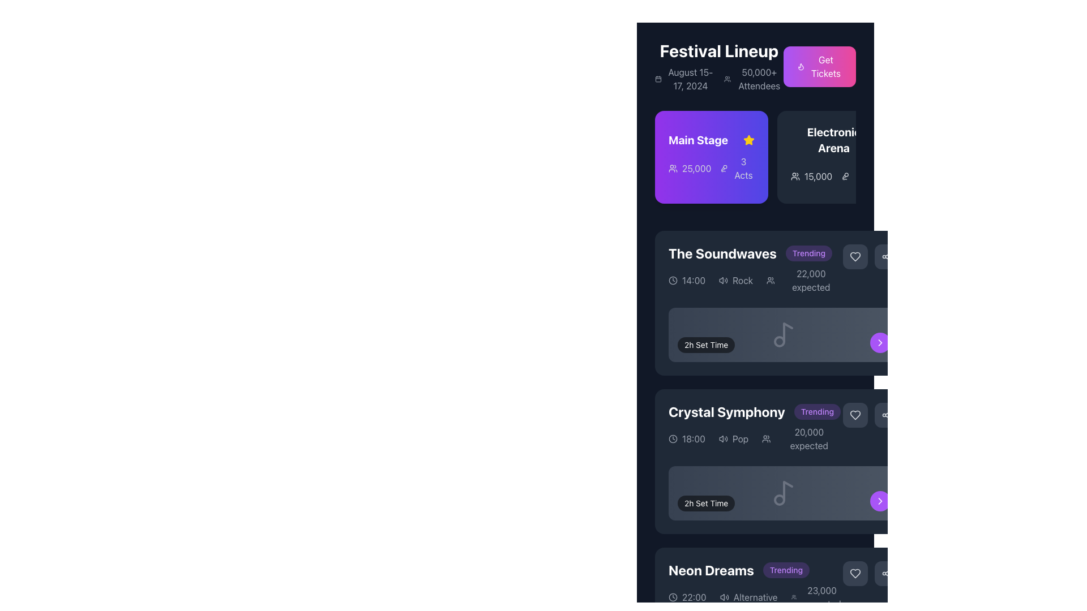 This screenshot has width=1087, height=611. What do you see at coordinates (673, 280) in the screenshot?
I see `the circular outline of the clock icon located within 'The Soundwaves' card to trigger associated actions` at bounding box center [673, 280].